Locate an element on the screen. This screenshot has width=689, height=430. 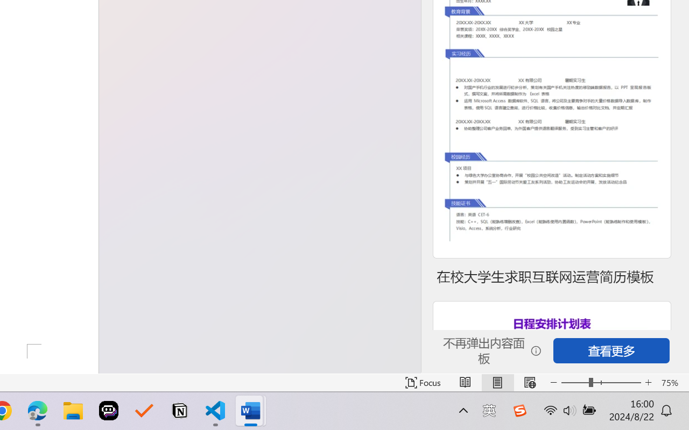
'Zoom In' is located at coordinates (648, 382).